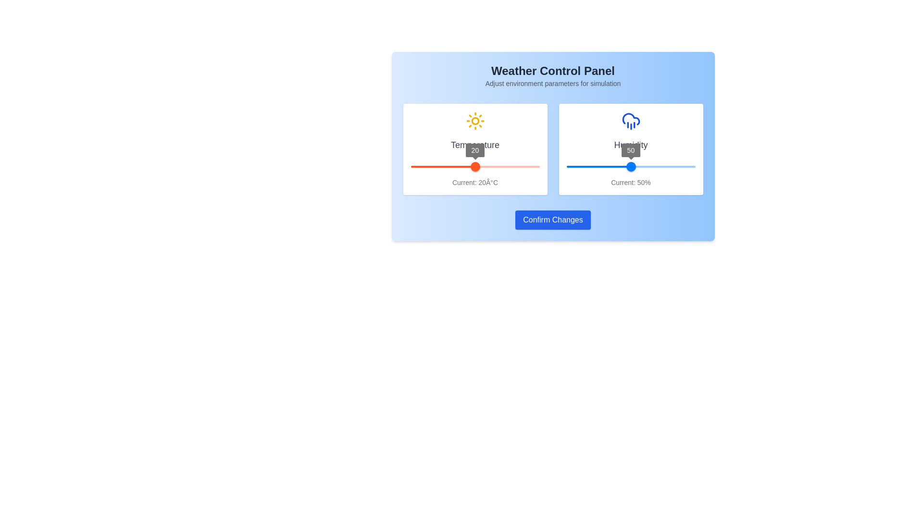 This screenshot has width=923, height=519. Describe the element at coordinates (574, 166) in the screenshot. I see `humidity` at that location.